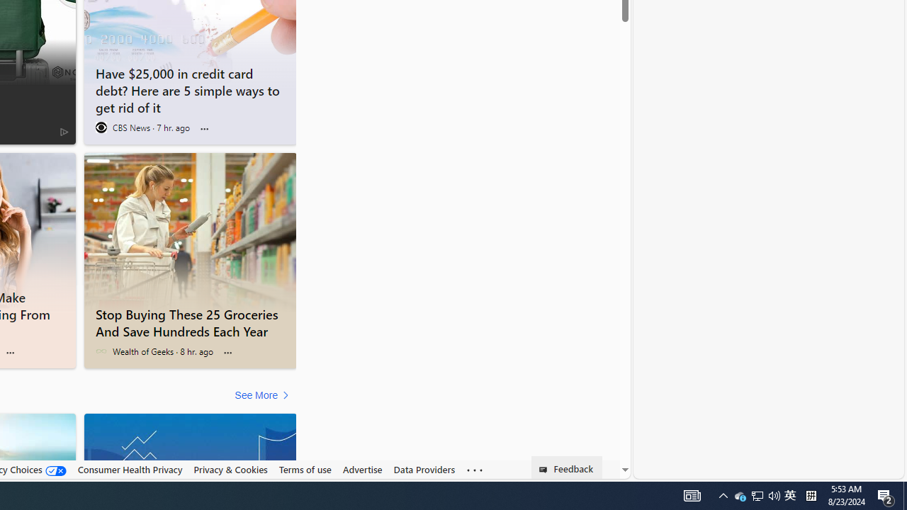  I want to click on 'CBS News', so click(100, 127).